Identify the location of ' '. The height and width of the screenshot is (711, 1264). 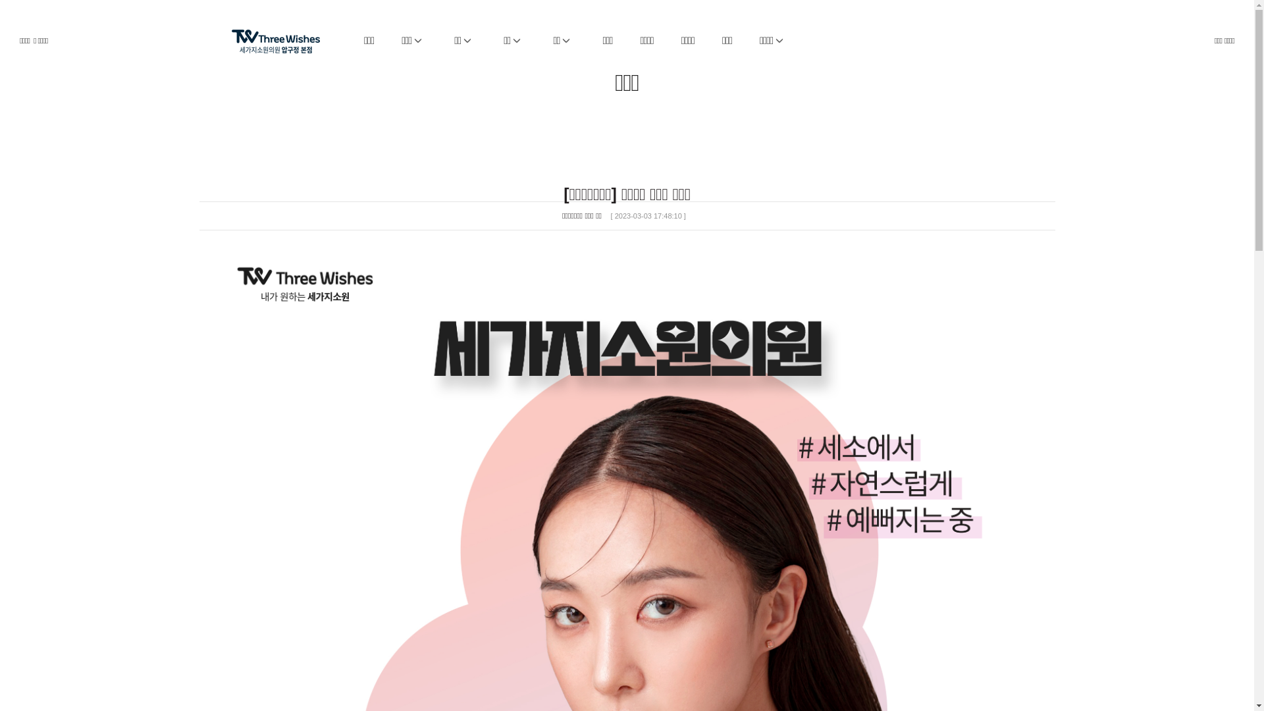
(287, 33).